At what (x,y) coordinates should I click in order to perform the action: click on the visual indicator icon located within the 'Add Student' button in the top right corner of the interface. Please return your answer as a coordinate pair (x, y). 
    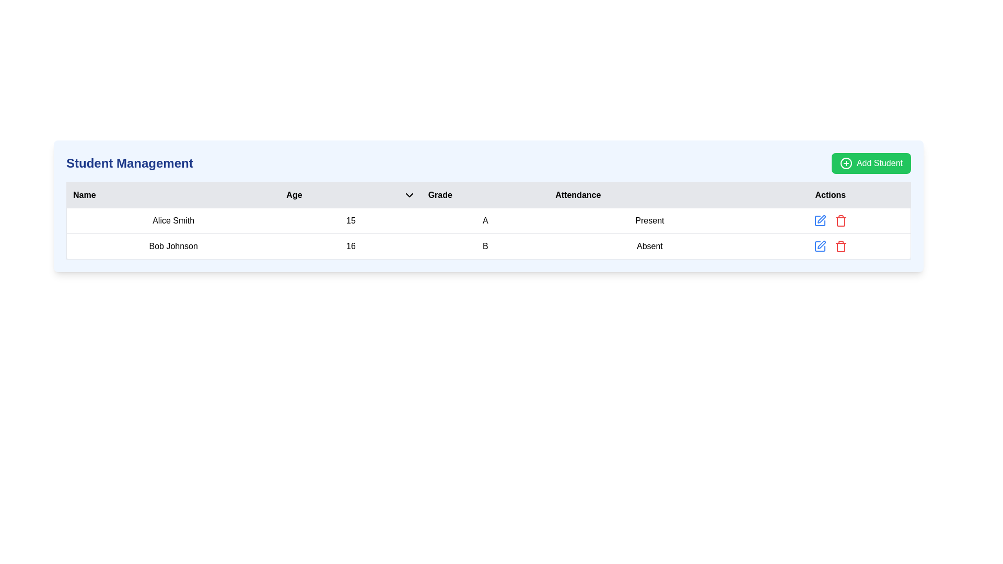
    Looking at the image, I should click on (846, 163).